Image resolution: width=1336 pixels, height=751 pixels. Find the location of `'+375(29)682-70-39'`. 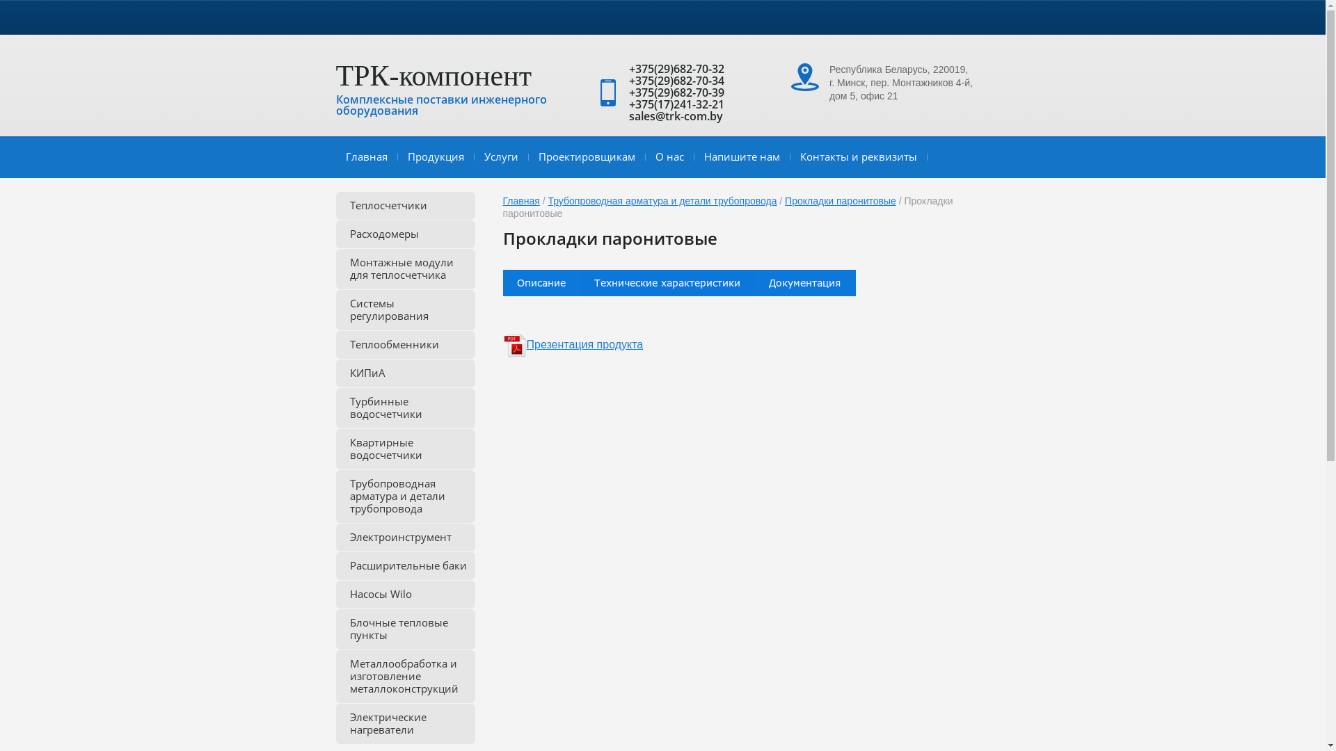

'+375(29)682-70-39' is located at coordinates (676, 92).